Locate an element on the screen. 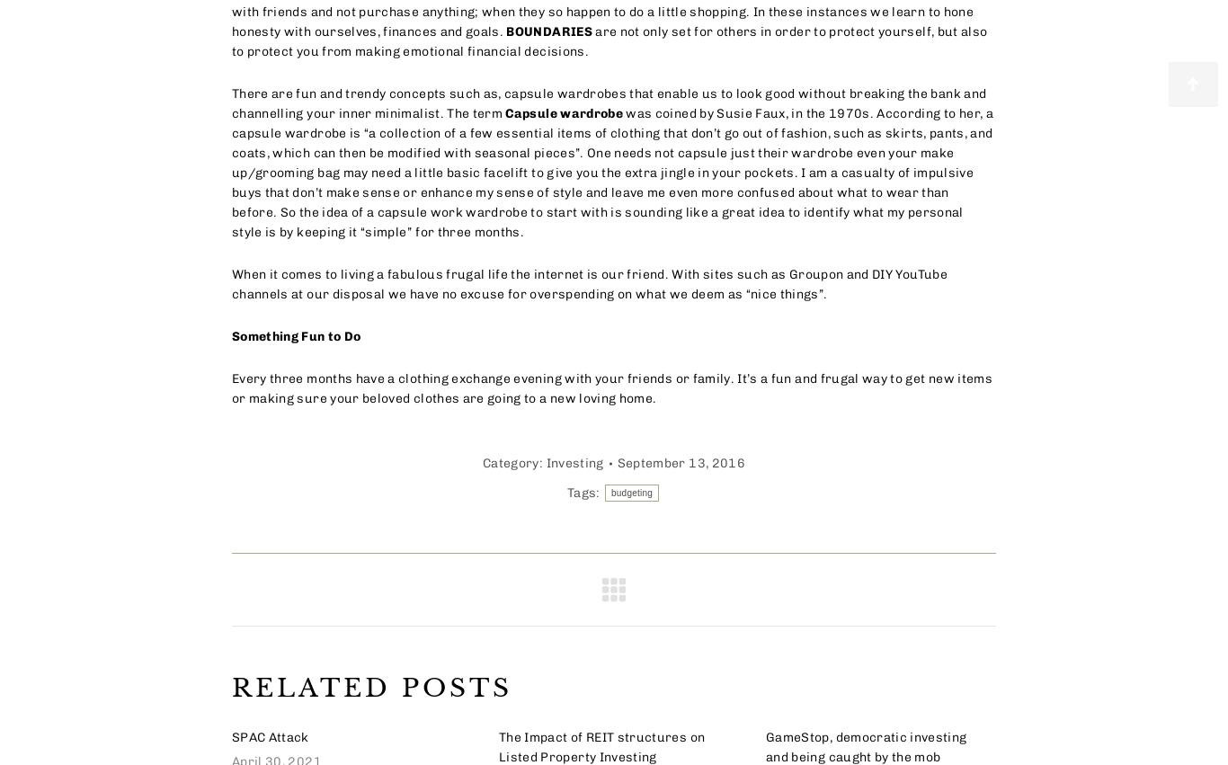 The image size is (1228, 765). 'September 13, 2016' is located at coordinates (617, 463).